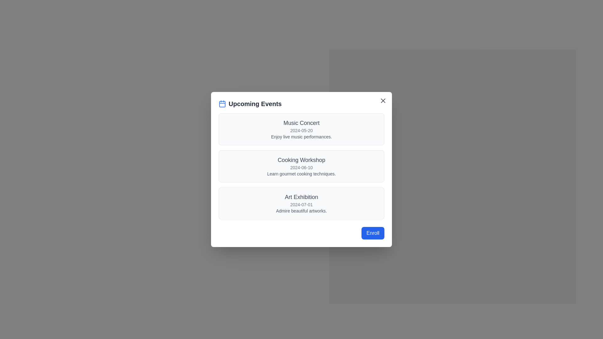 Image resolution: width=603 pixels, height=339 pixels. Describe the element at coordinates (301, 130) in the screenshot. I see `the small gray text label displaying the date in 'YYYY-MM-DD' format, which is centrally located below the event title 'Music Concert' and above the description 'Enjoy live music performances.'` at that location.